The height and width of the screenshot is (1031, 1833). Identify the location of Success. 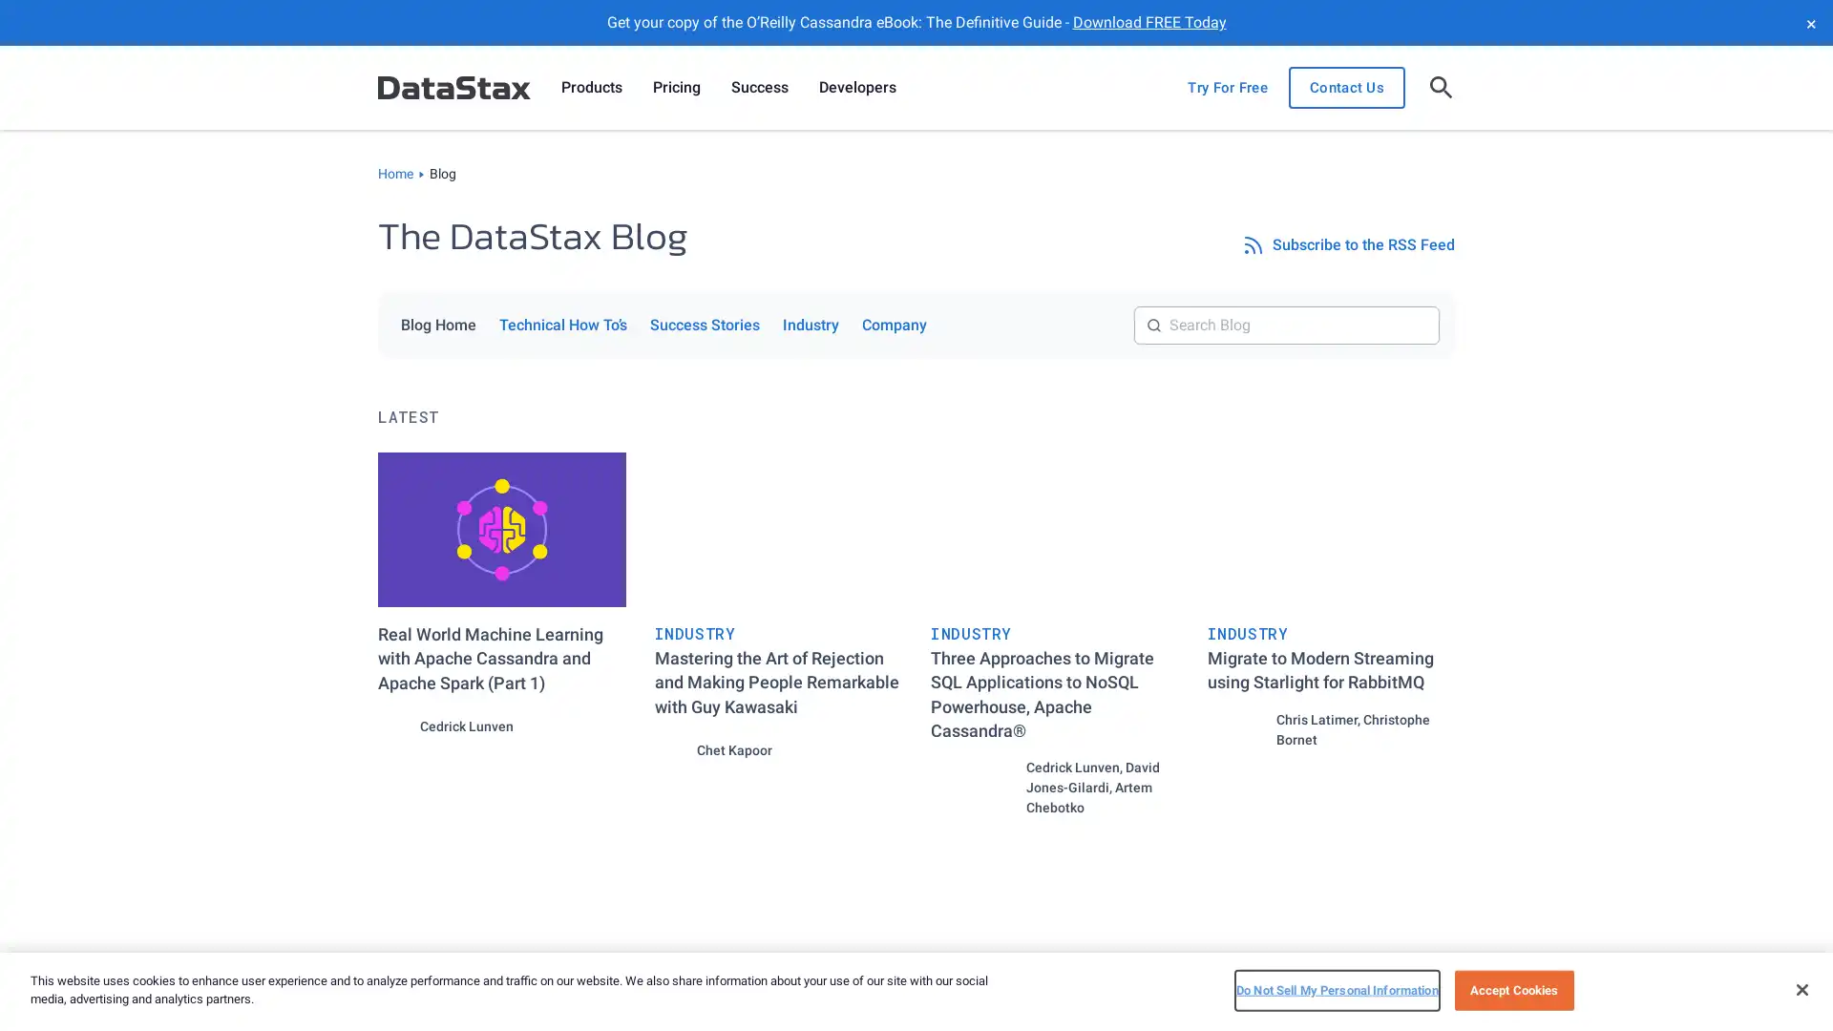
(759, 88).